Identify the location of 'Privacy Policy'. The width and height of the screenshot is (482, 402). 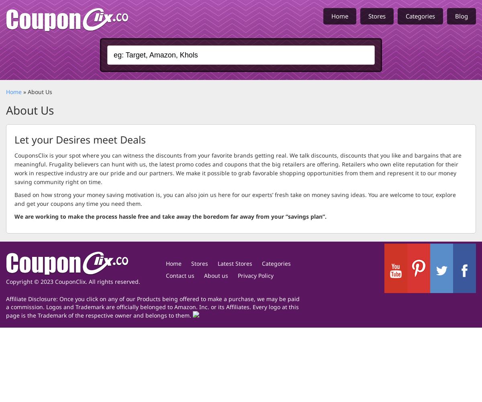
(255, 275).